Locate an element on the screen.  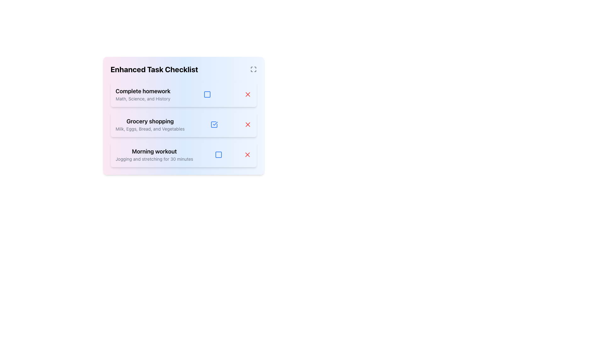
text of the header element displaying 'Morning workout', which is a bold and prominent title above the description in the checklist interface is located at coordinates (154, 151).